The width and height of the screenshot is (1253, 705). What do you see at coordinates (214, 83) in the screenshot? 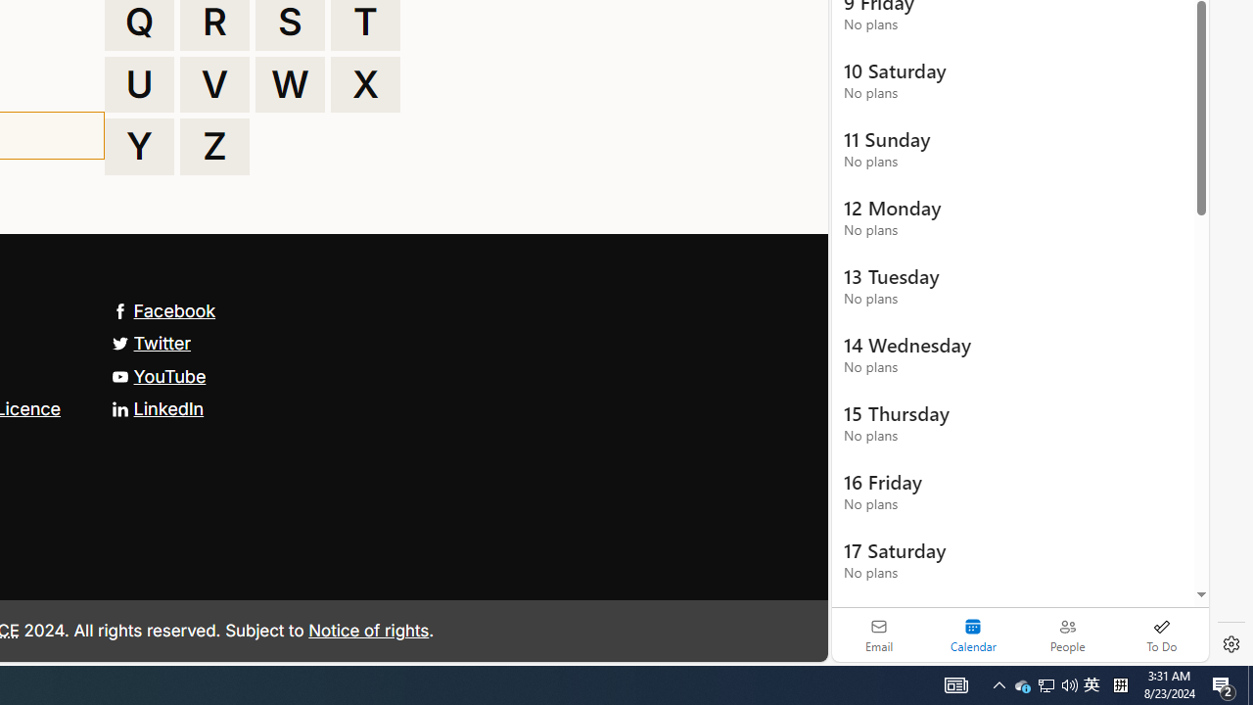
I see `'V'` at bounding box center [214, 83].